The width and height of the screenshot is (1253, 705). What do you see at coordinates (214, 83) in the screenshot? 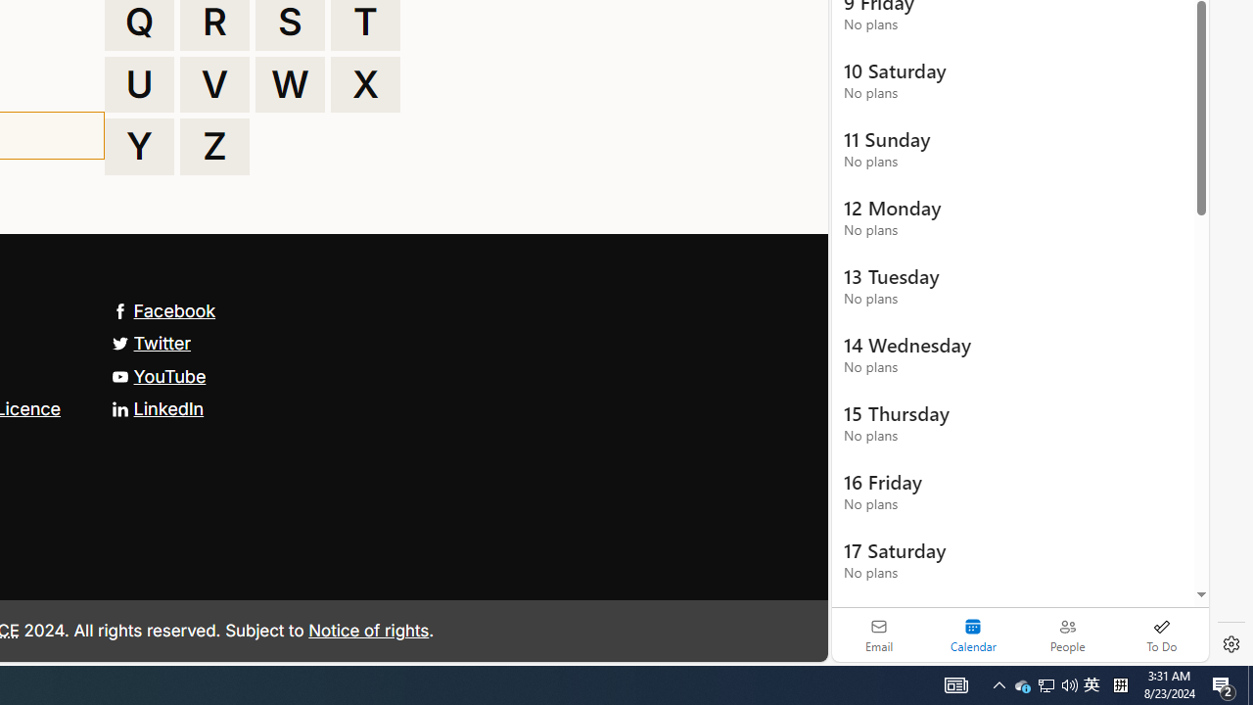
I see `'V'` at bounding box center [214, 83].